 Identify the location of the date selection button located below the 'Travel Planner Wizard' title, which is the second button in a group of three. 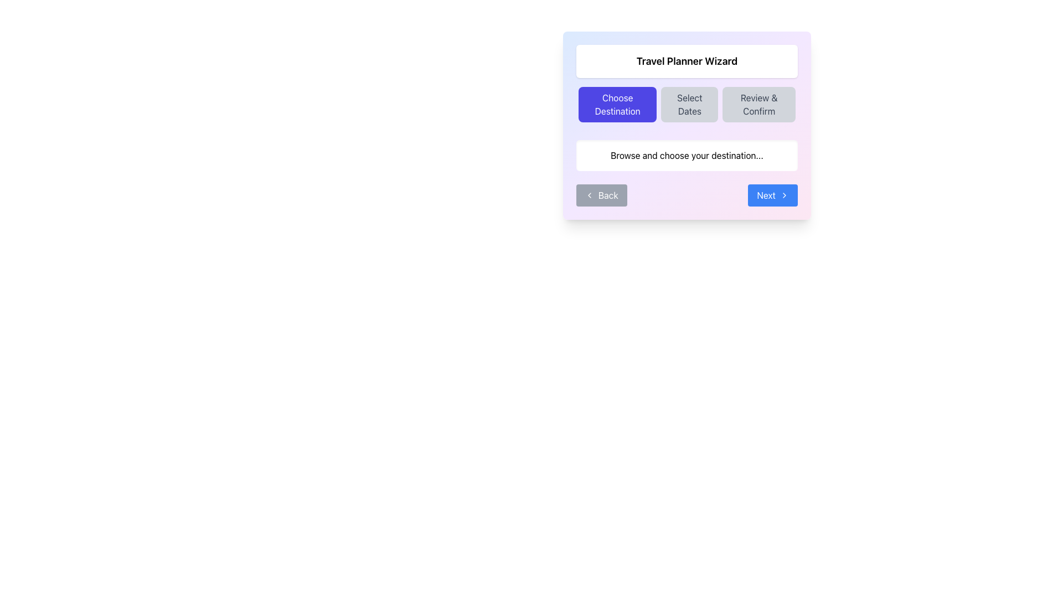
(687, 105).